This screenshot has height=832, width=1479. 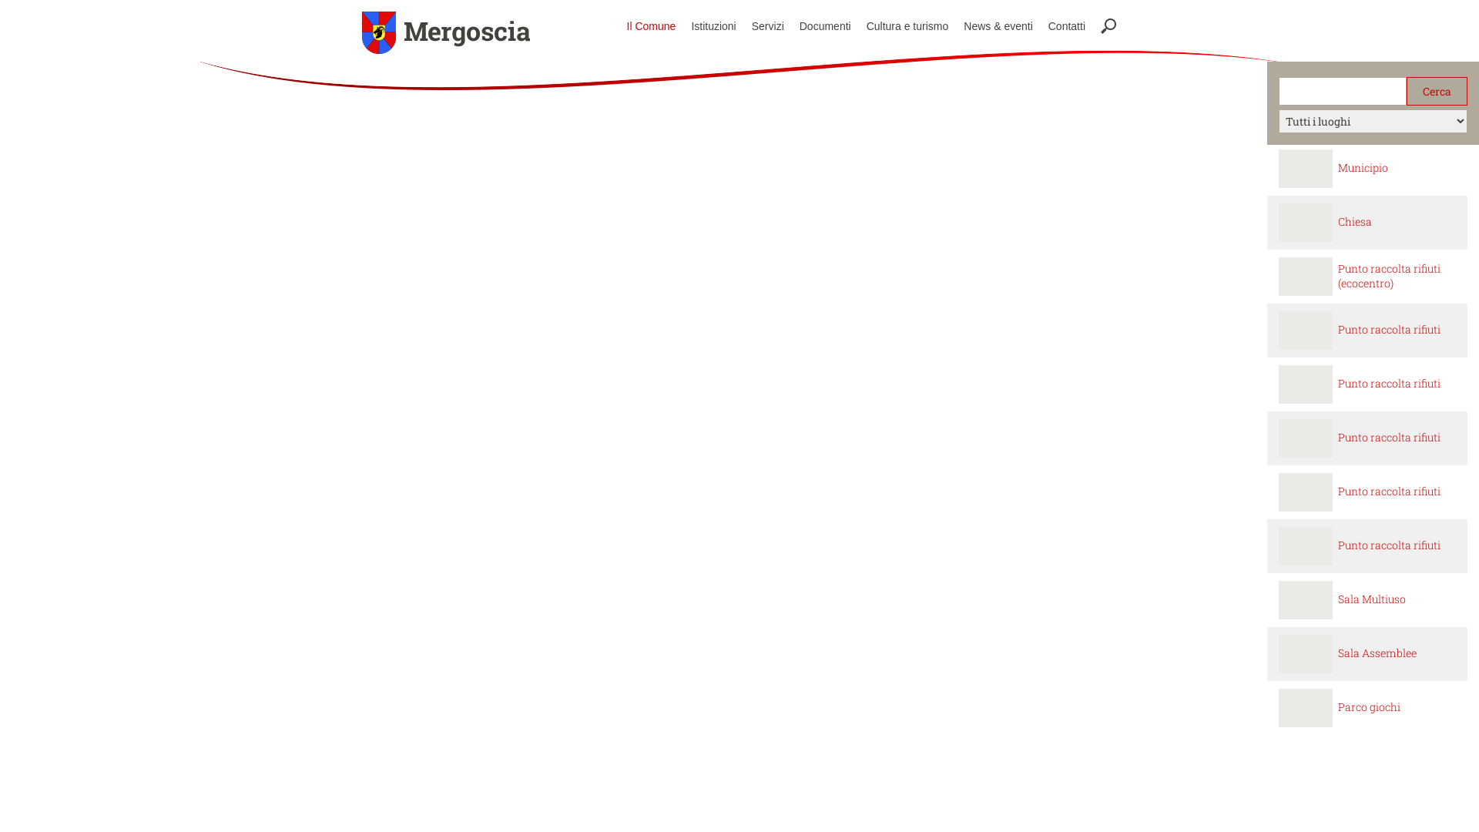 What do you see at coordinates (1436, 91) in the screenshot?
I see `'Cerca'` at bounding box center [1436, 91].